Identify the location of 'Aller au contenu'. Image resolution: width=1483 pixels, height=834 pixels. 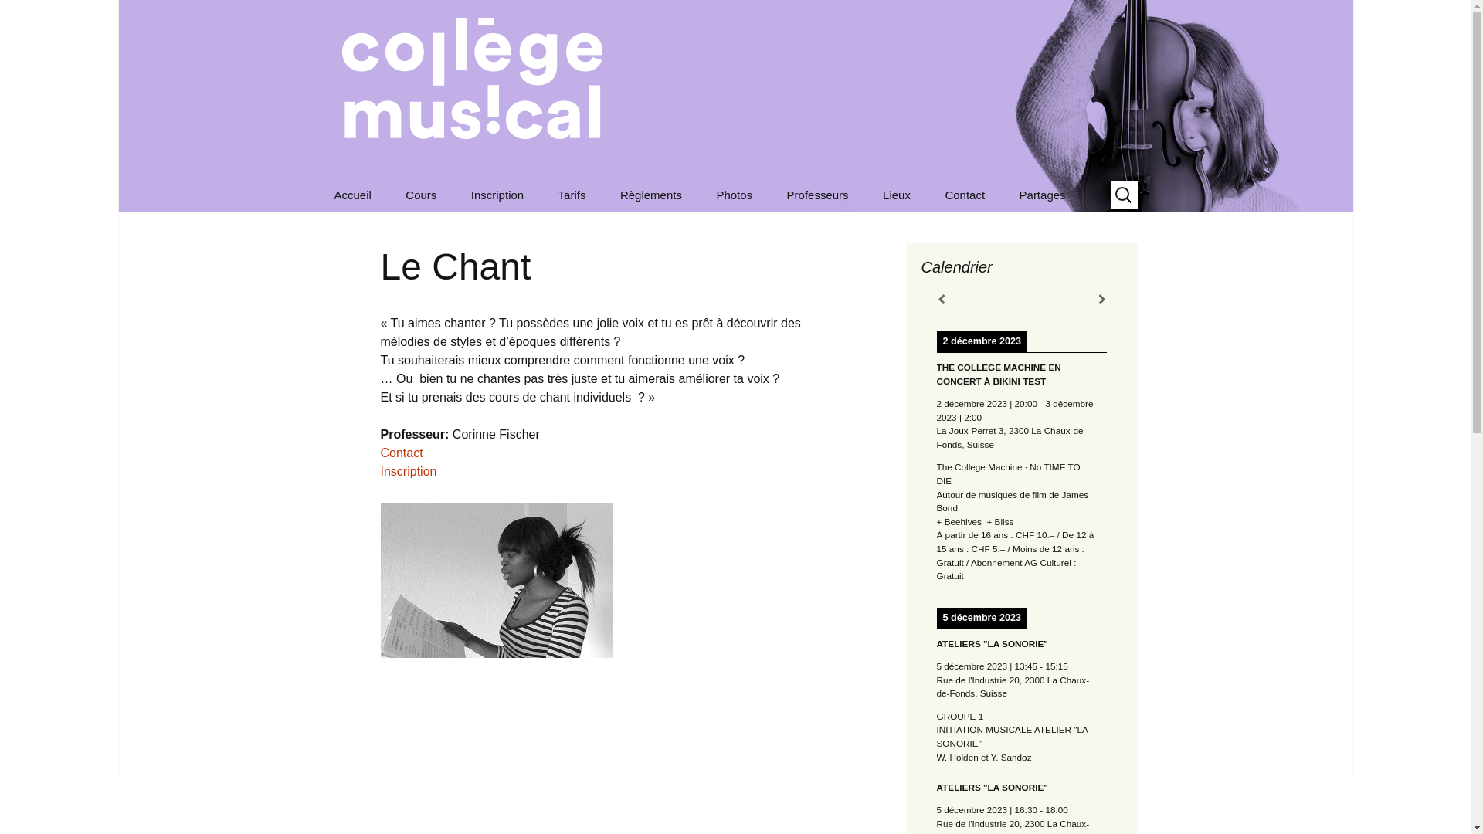
(317, 176).